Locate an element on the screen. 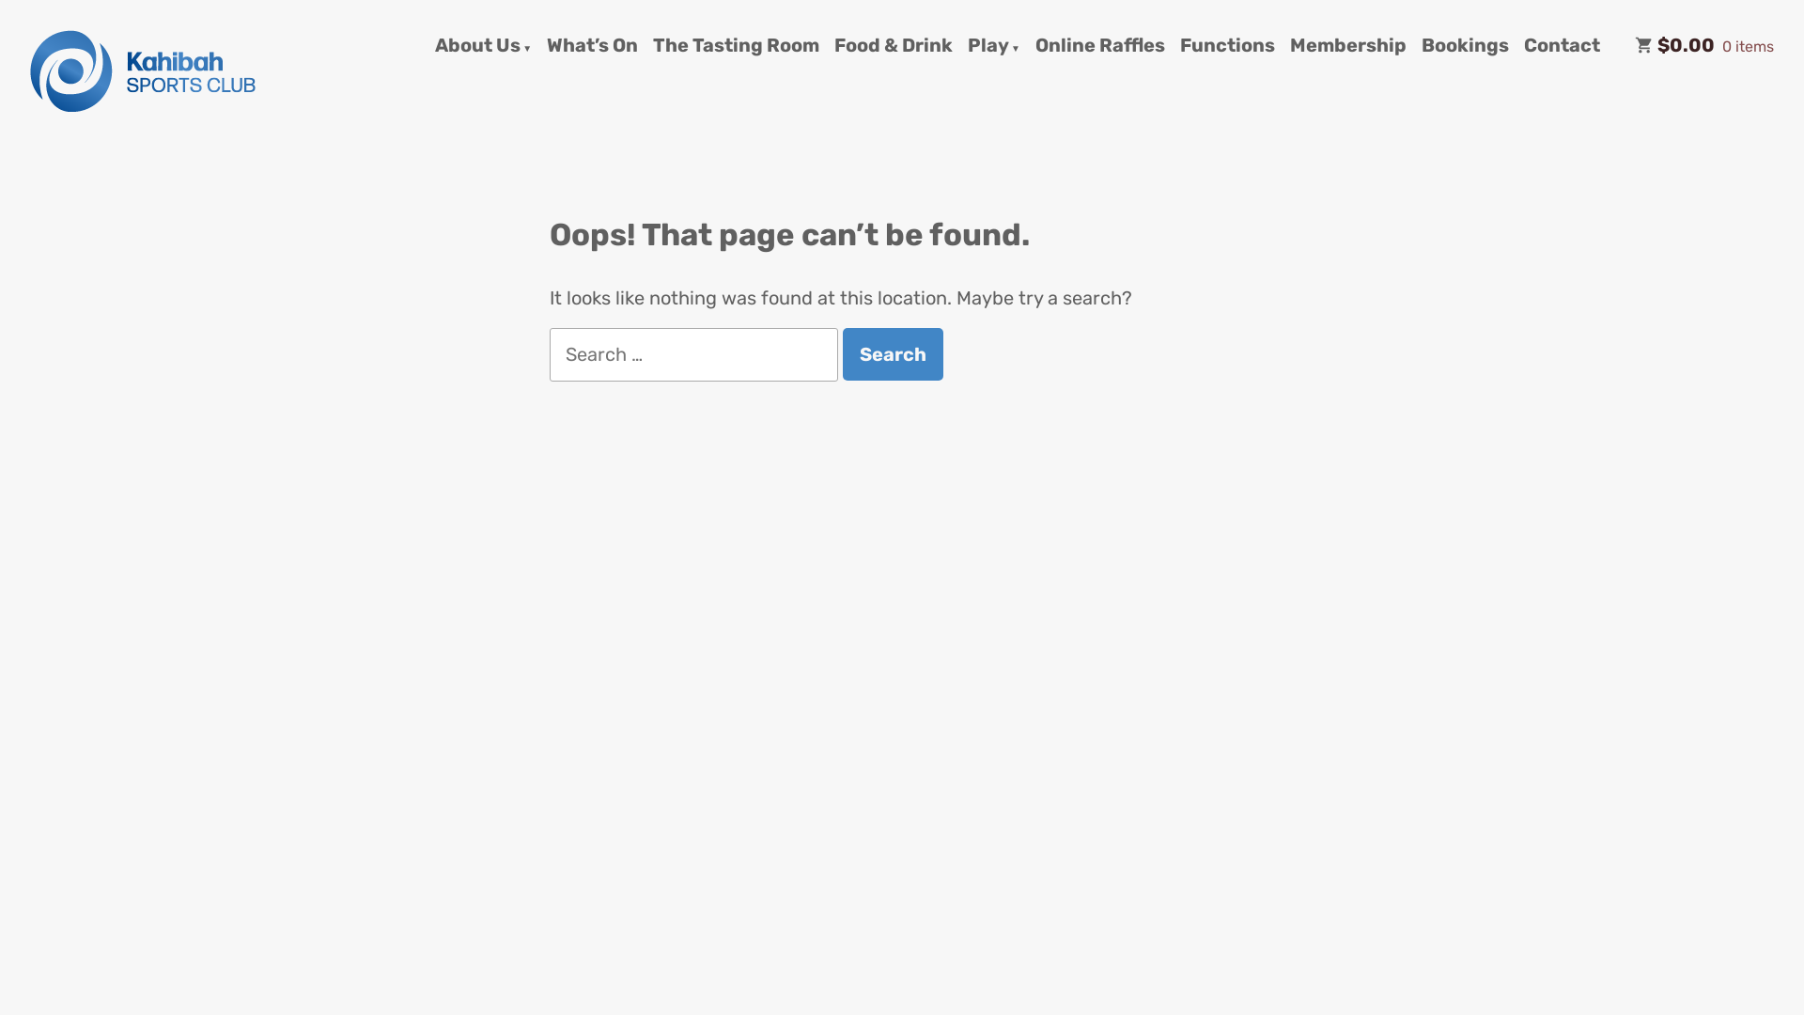 This screenshot has width=1804, height=1015. 'Online Raffles' is located at coordinates (1100, 45).